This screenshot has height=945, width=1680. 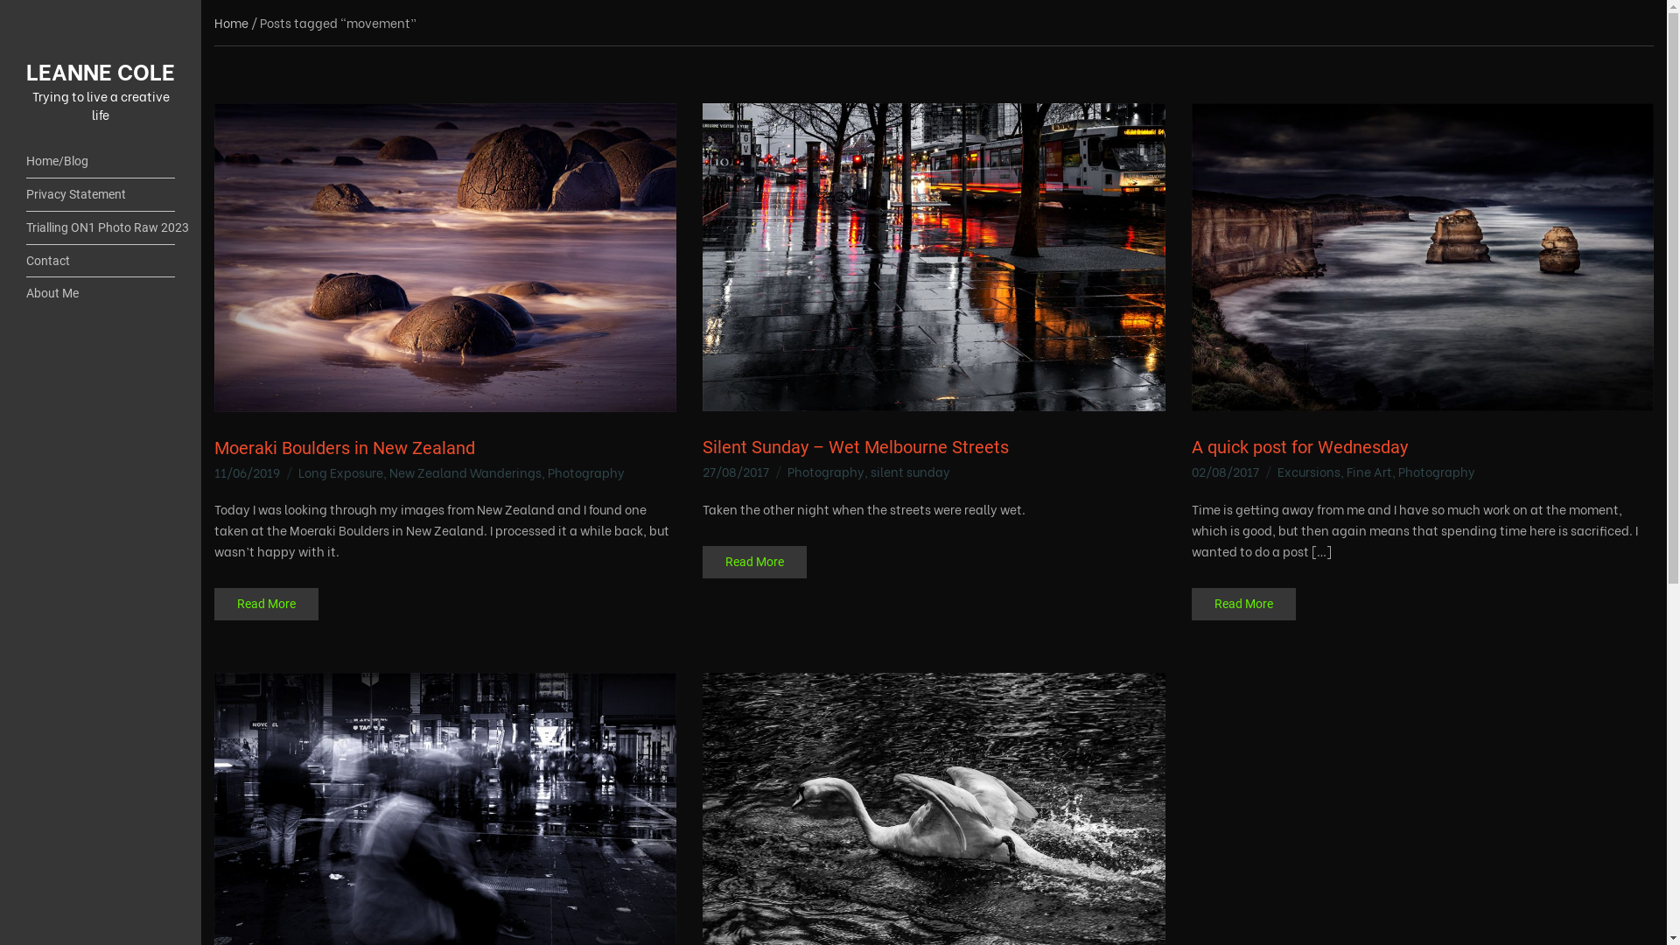 What do you see at coordinates (25, 292) in the screenshot?
I see `'About Me'` at bounding box center [25, 292].